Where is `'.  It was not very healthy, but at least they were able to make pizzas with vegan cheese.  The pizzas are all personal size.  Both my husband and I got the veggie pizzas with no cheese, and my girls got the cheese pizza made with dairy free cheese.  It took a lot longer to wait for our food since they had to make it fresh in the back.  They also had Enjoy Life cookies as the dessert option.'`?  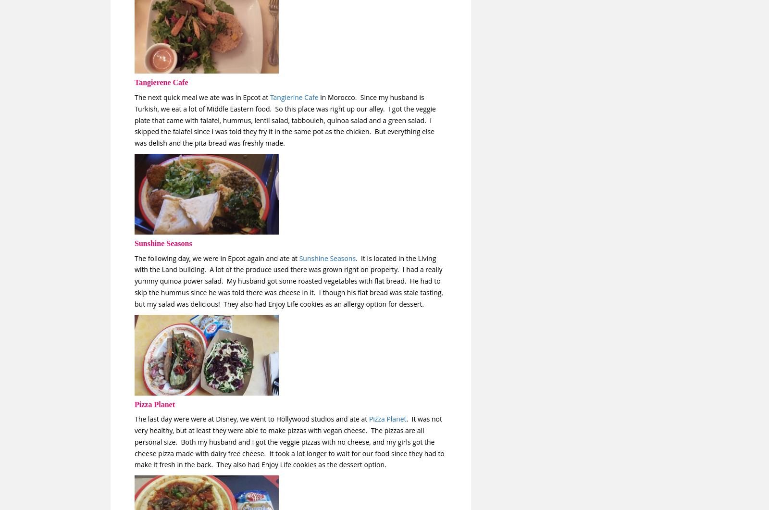 '.  It was not very healthy, but at least they were able to make pizzas with vegan cheese.  The pizzas are all personal size.  Both my husband and I got the veggie pizzas with no cheese, and my girls got the cheese pizza made with dairy free cheese.  It took a lot longer to wait for our food since they had to make it fresh in the back.  They also had Enjoy Life cookies as the dessert option.' is located at coordinates (135, 441).